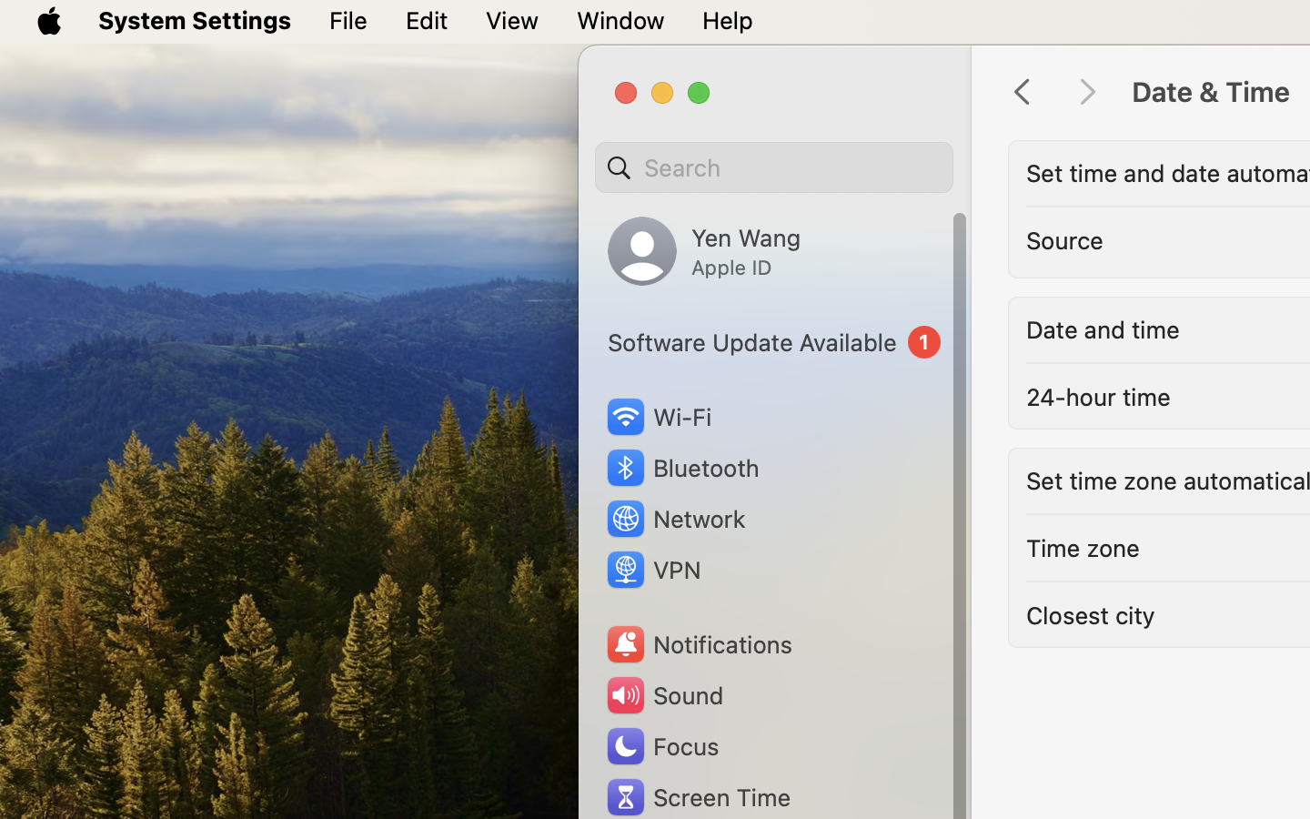  Describe the element at coordinates (696, 796) in the screenshot. I see `'Screen Time'` at that location.